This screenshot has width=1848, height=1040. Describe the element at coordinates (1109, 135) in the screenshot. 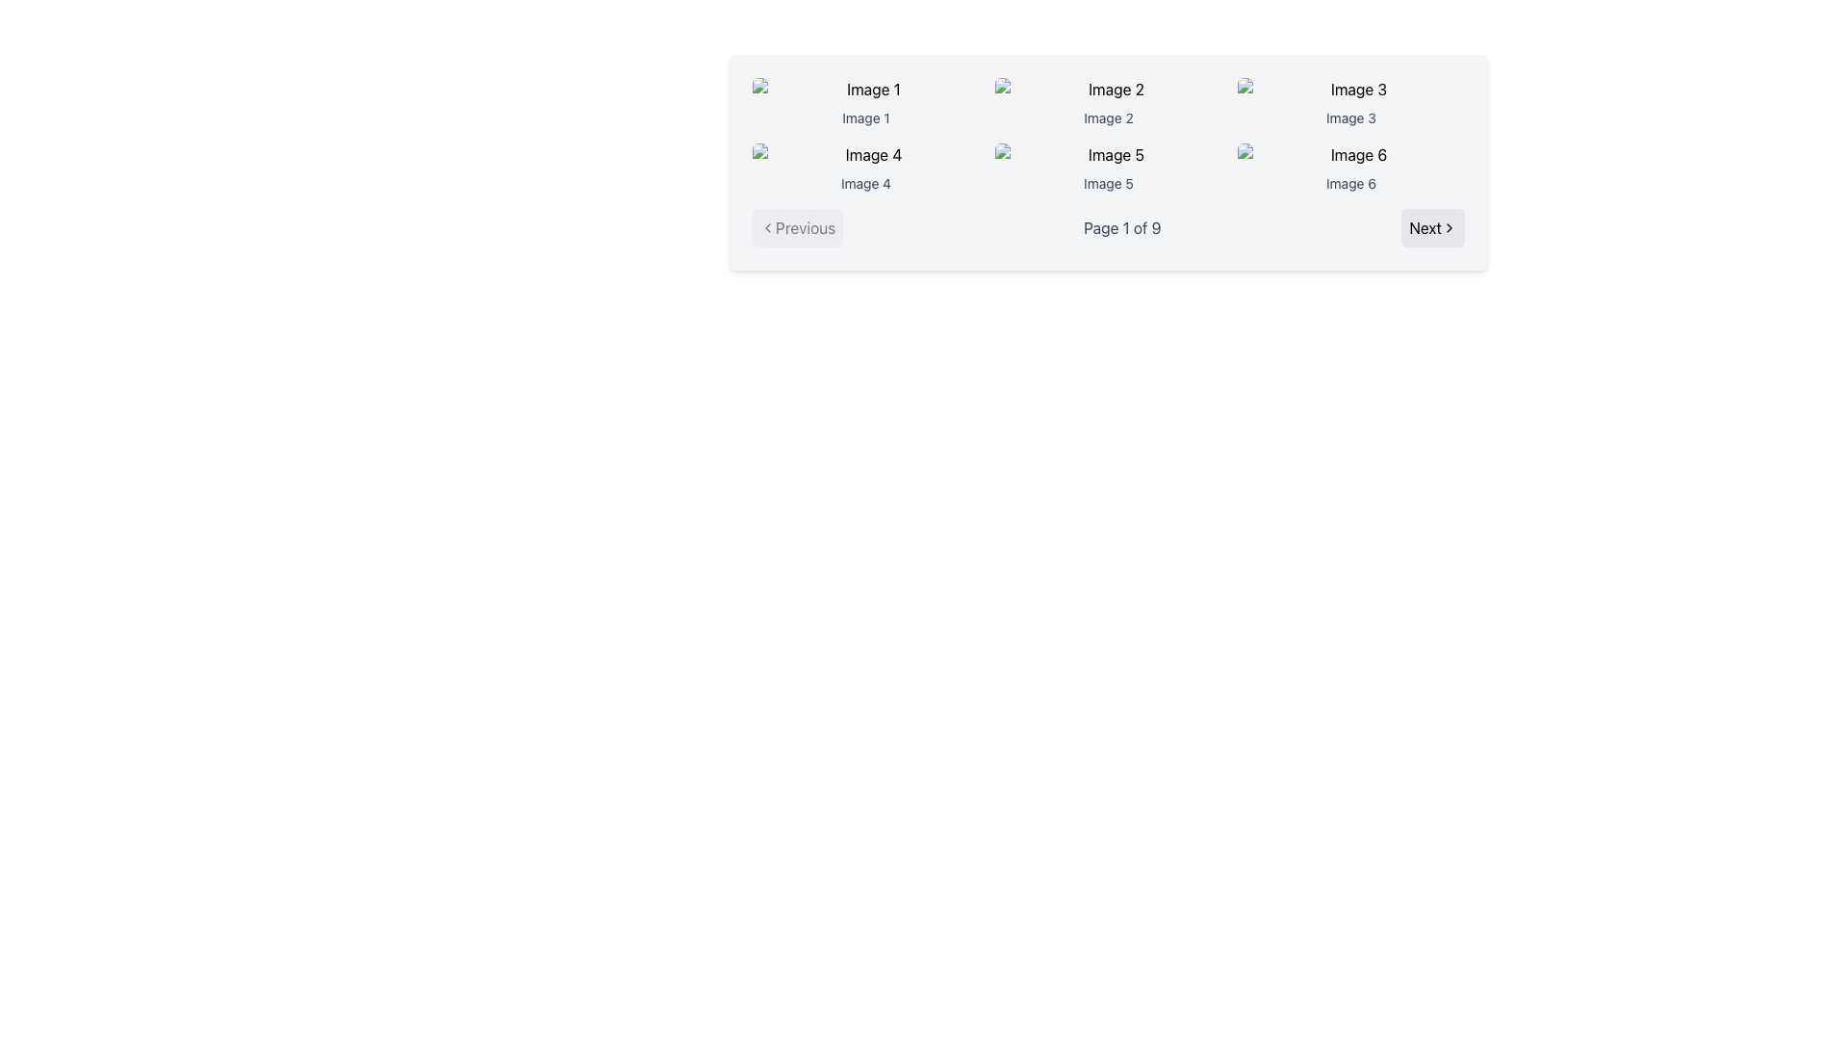

I see `the Grid display or gallery element containing six items with images and labels, located centrally between the 'Previous' and 'Next' buttons` at that location.